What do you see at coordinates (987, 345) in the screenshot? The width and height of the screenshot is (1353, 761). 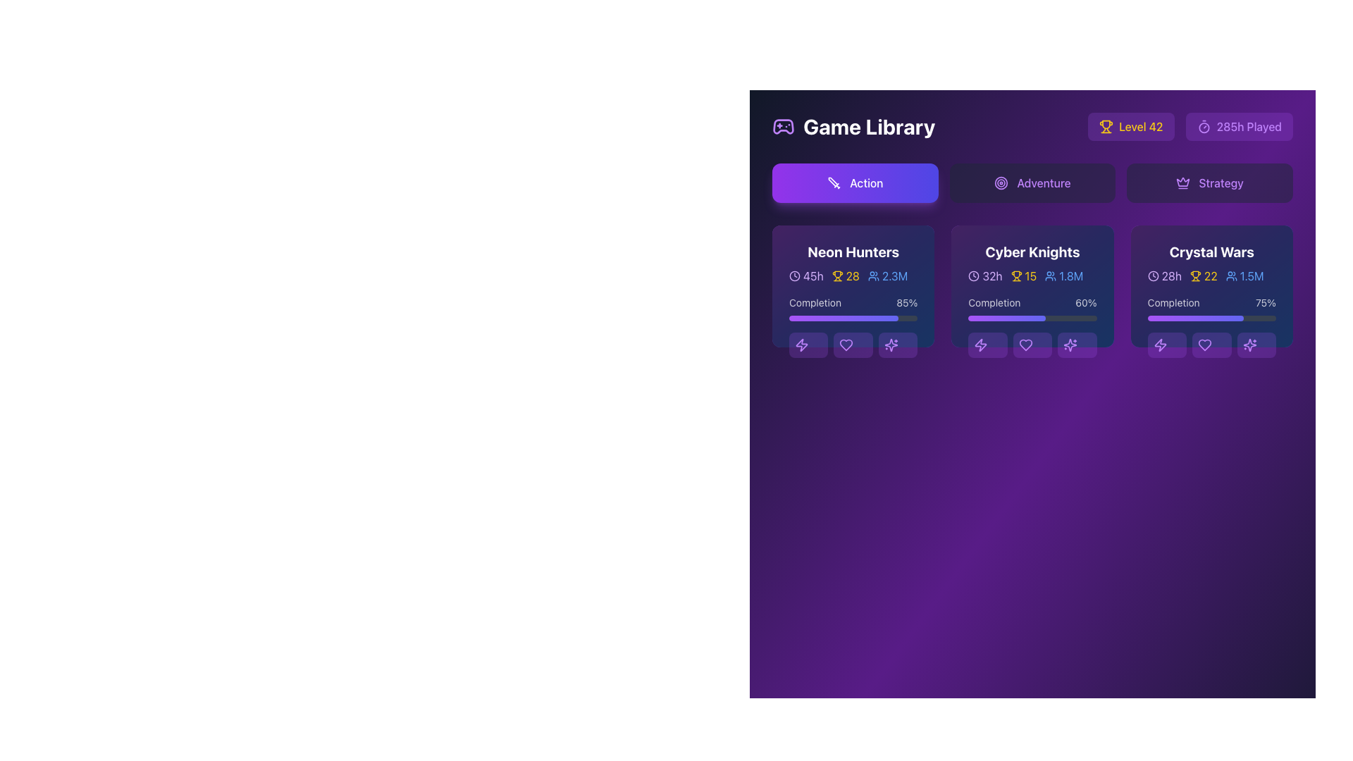 I see `the leftmost button in the action row beneath the 'Cyber Knights' game card` at bounding box center [987, 345].